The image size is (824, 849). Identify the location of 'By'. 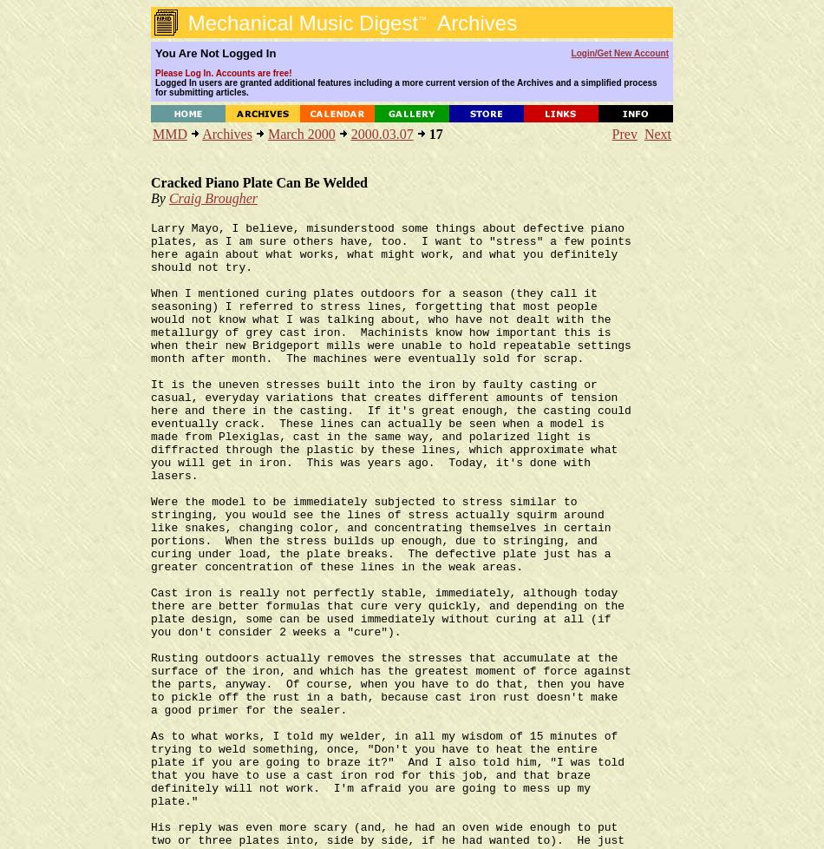
(160, 198).